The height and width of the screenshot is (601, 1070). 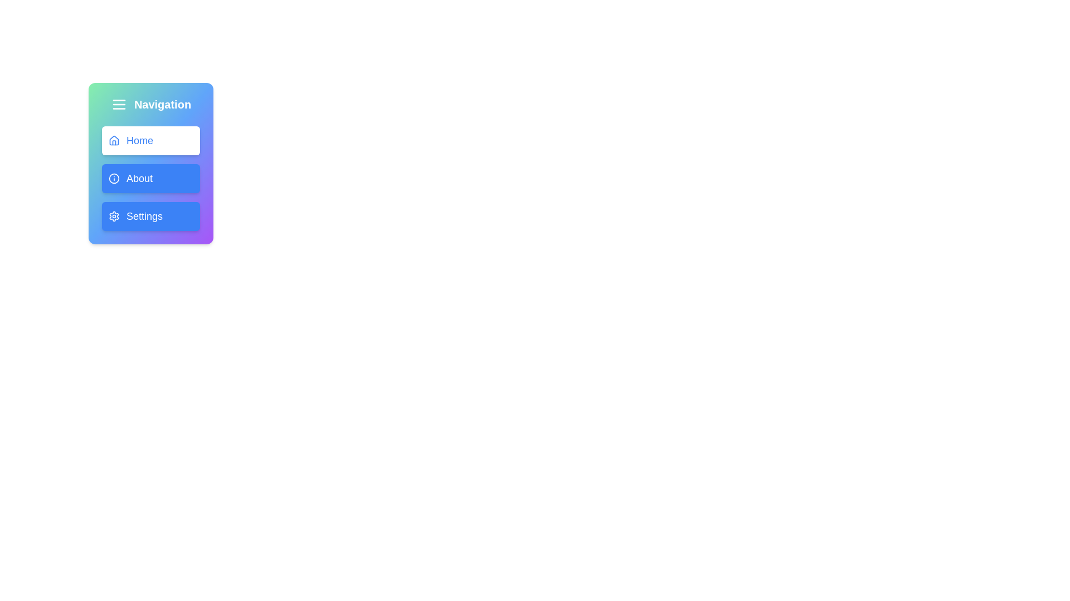 I want to click on the house-shaped vector icon contained within the 'Home' button in the navigation panel, so click(x=114, y=139).